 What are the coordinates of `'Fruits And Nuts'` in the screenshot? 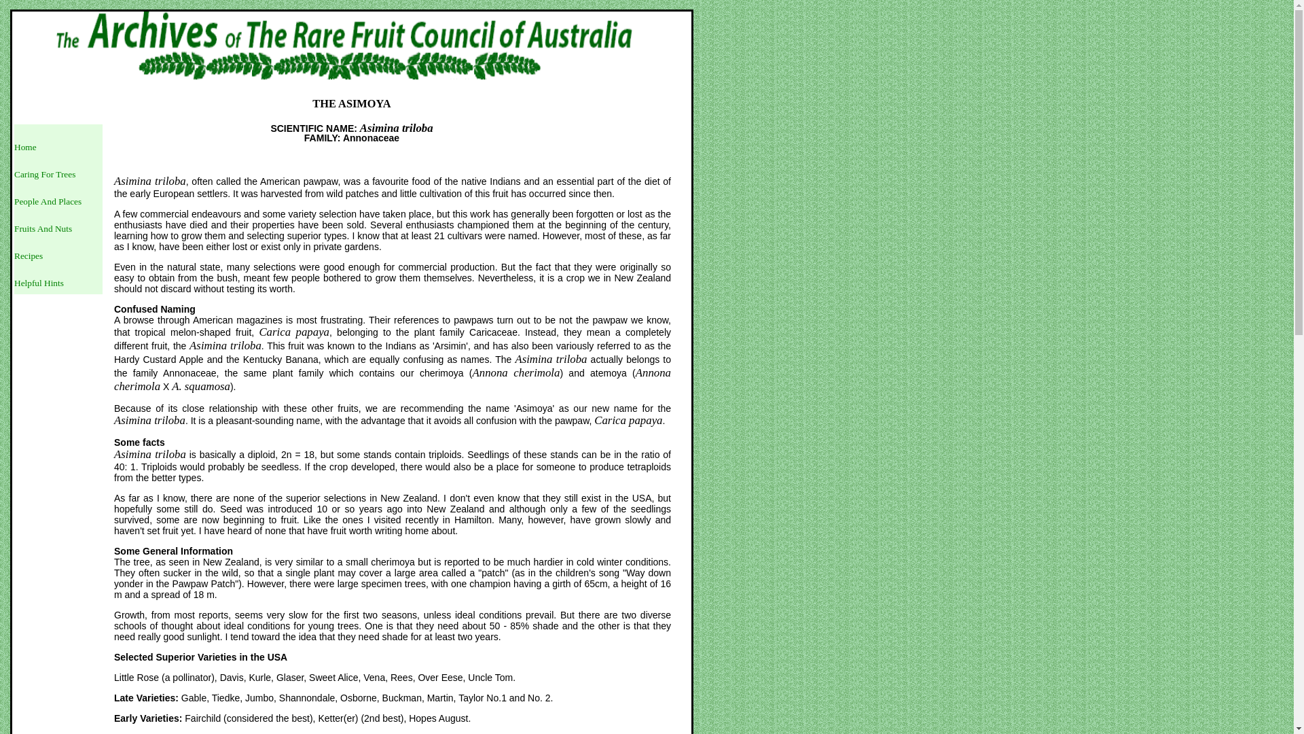 It's located at (43, 228).